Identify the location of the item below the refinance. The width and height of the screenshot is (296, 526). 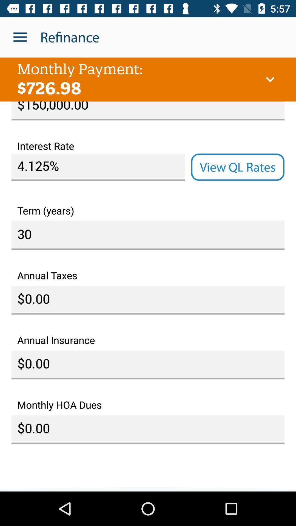
(270, 79).